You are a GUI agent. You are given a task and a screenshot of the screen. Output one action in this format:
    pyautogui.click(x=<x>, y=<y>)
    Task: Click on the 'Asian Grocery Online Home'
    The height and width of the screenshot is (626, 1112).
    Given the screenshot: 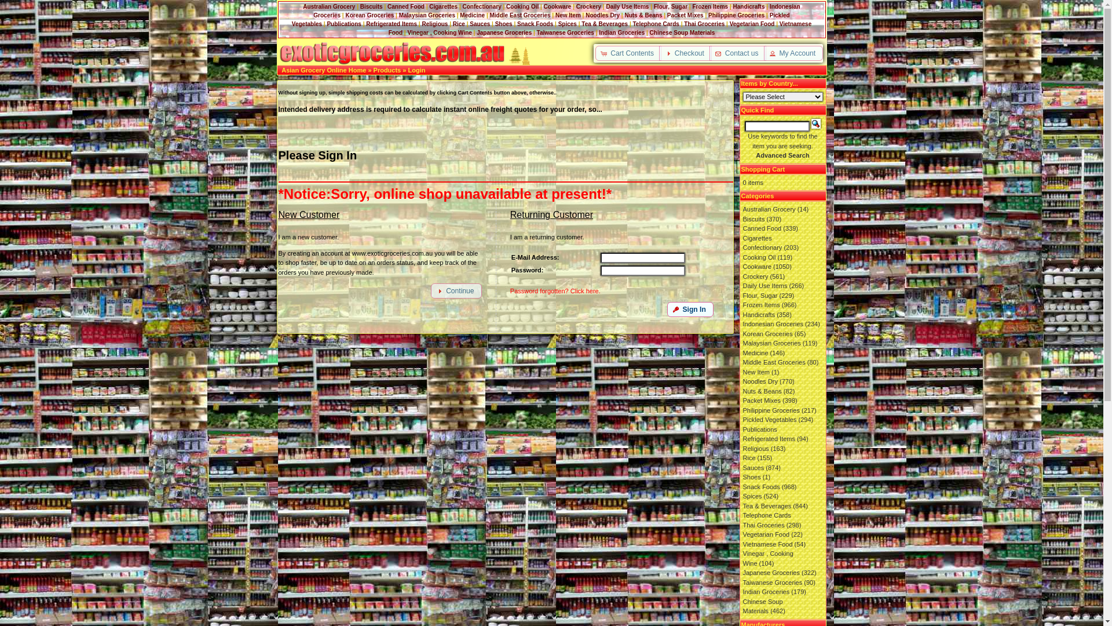 What is the action you would take?
    pyautogui.click(x=281, y=70)
    